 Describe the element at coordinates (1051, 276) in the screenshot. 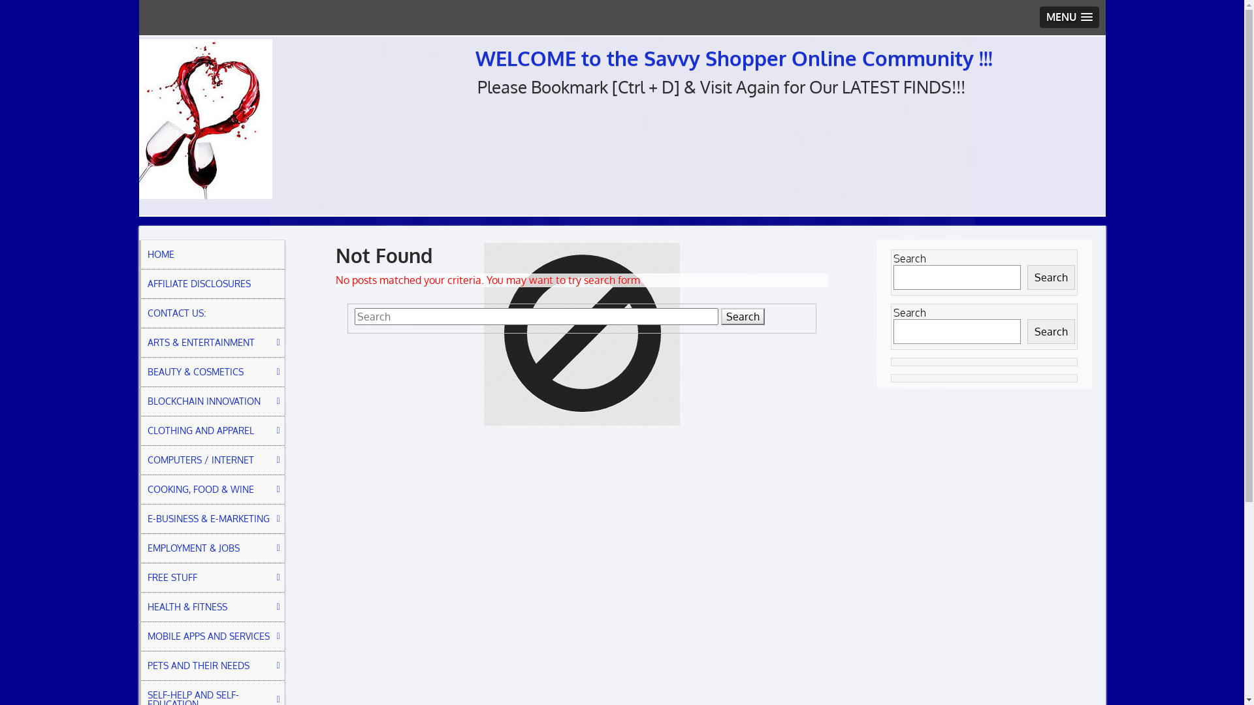

I see `'Search'` at that location.